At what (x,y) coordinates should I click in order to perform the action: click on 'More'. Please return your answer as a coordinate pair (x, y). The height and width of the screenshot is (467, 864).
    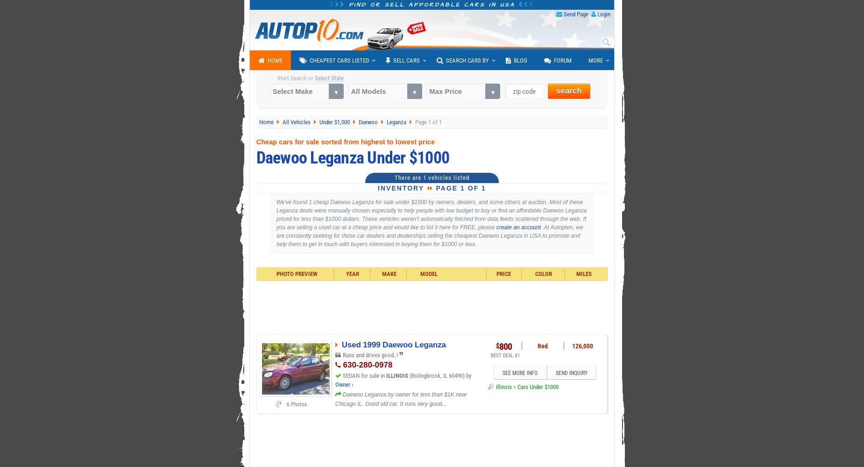
    Looking at the image, I should click on (588, 60).